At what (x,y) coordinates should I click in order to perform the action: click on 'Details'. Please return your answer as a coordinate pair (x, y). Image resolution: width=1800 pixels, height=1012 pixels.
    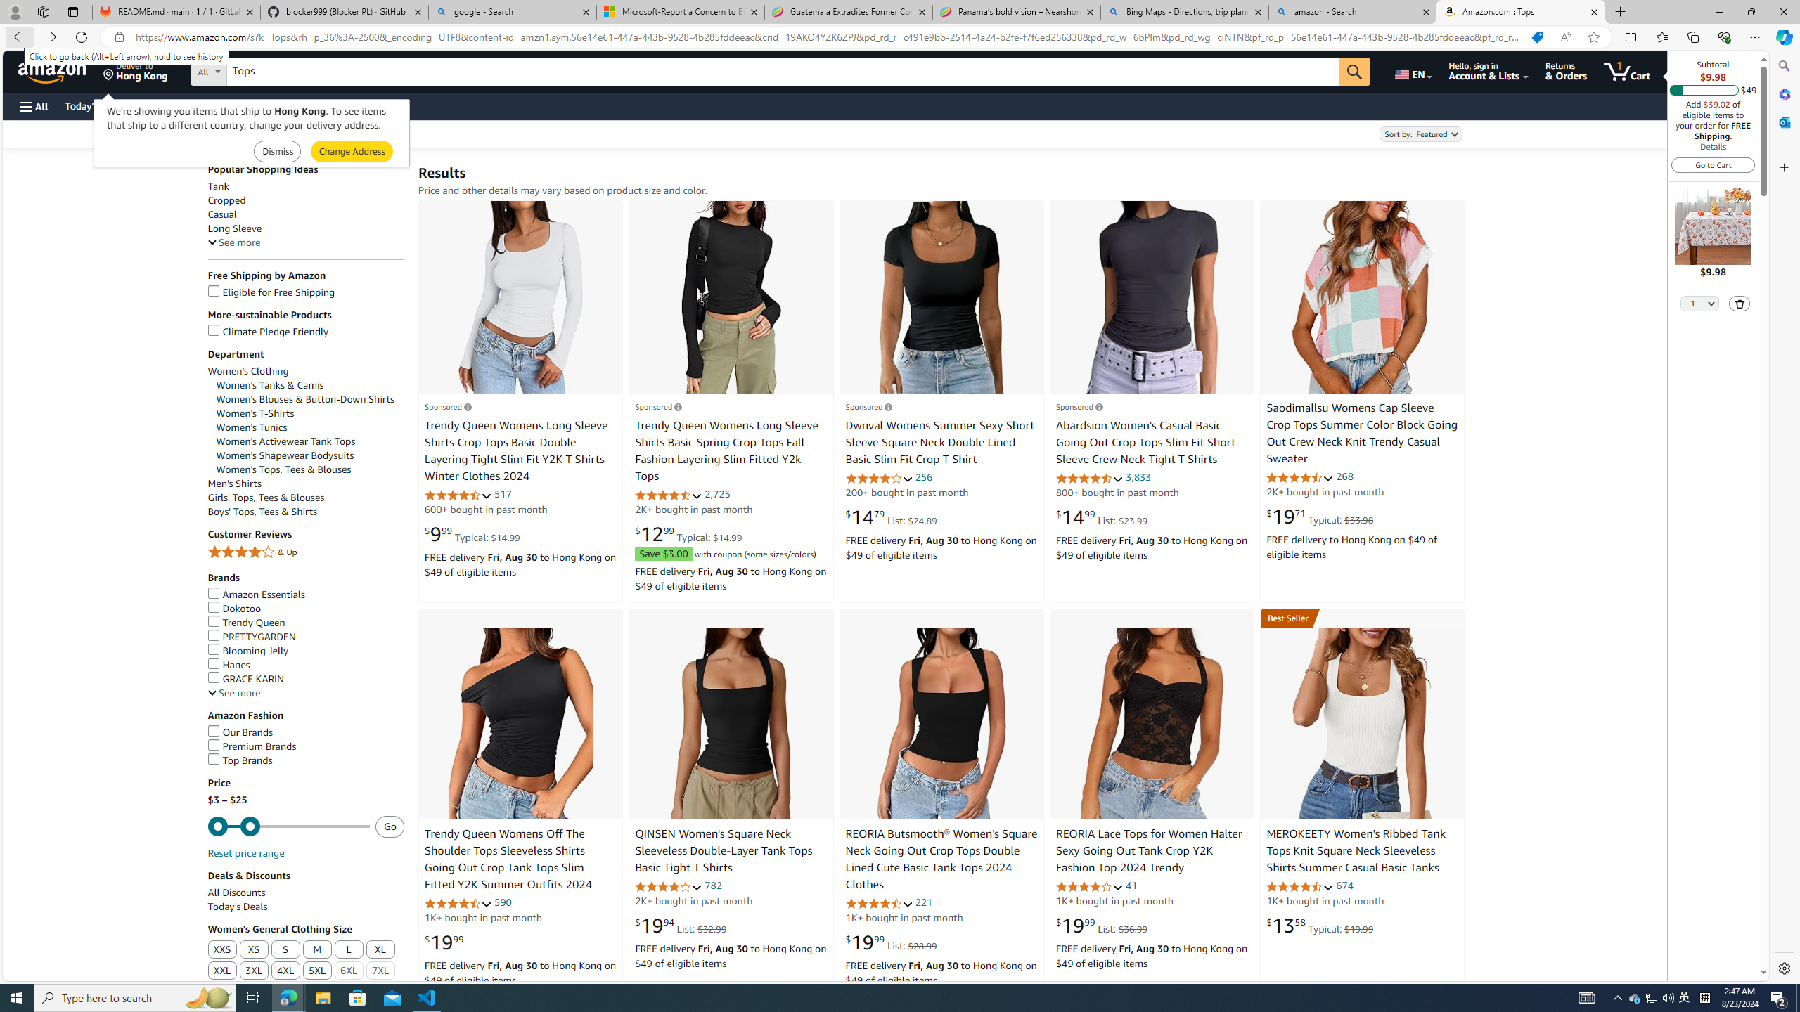
    Looking at the image, I should click on (1711, 145).